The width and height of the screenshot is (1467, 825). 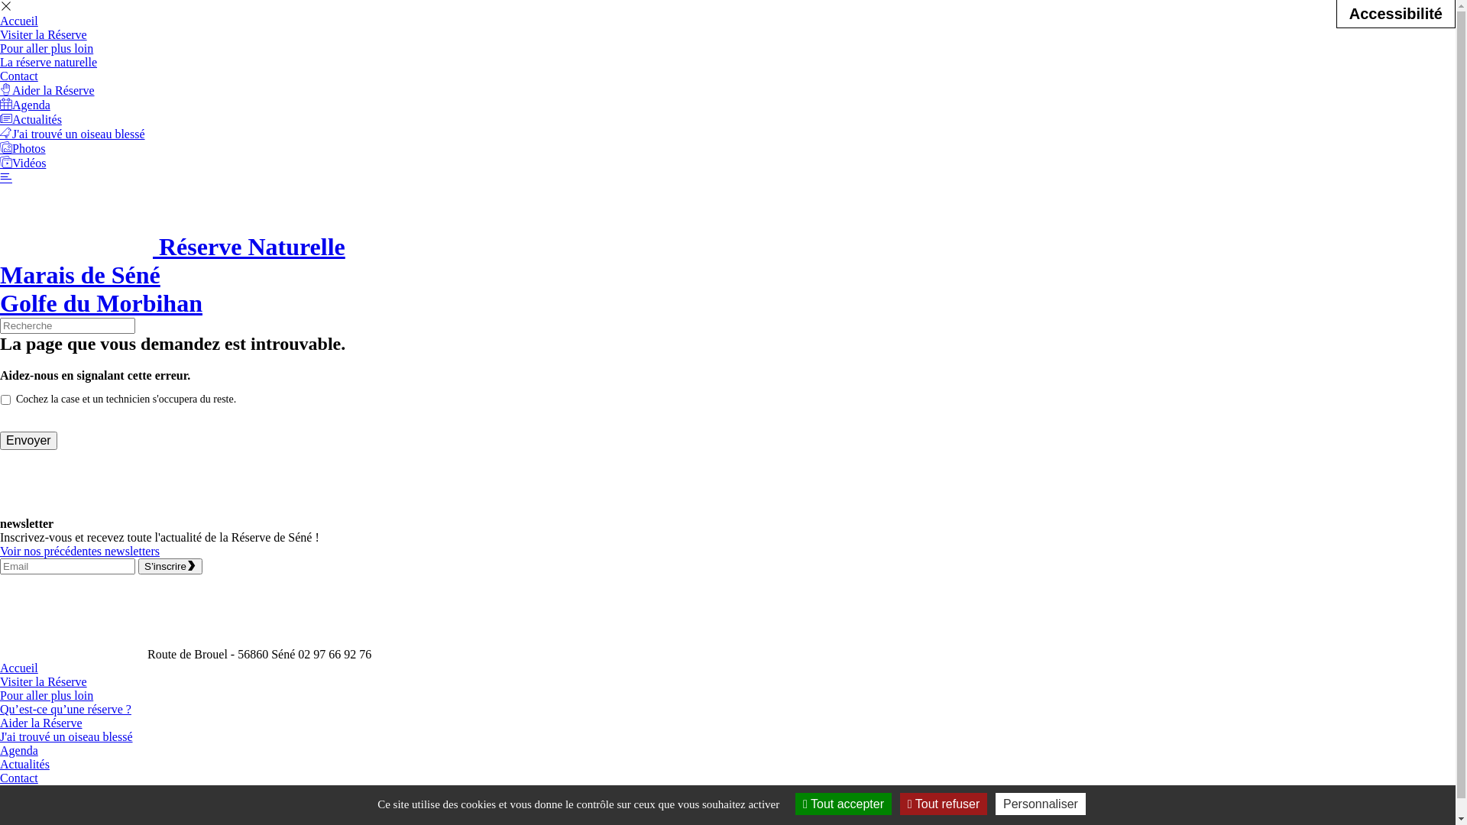 I want to click on 'Photos', so click(x=0, y=148).